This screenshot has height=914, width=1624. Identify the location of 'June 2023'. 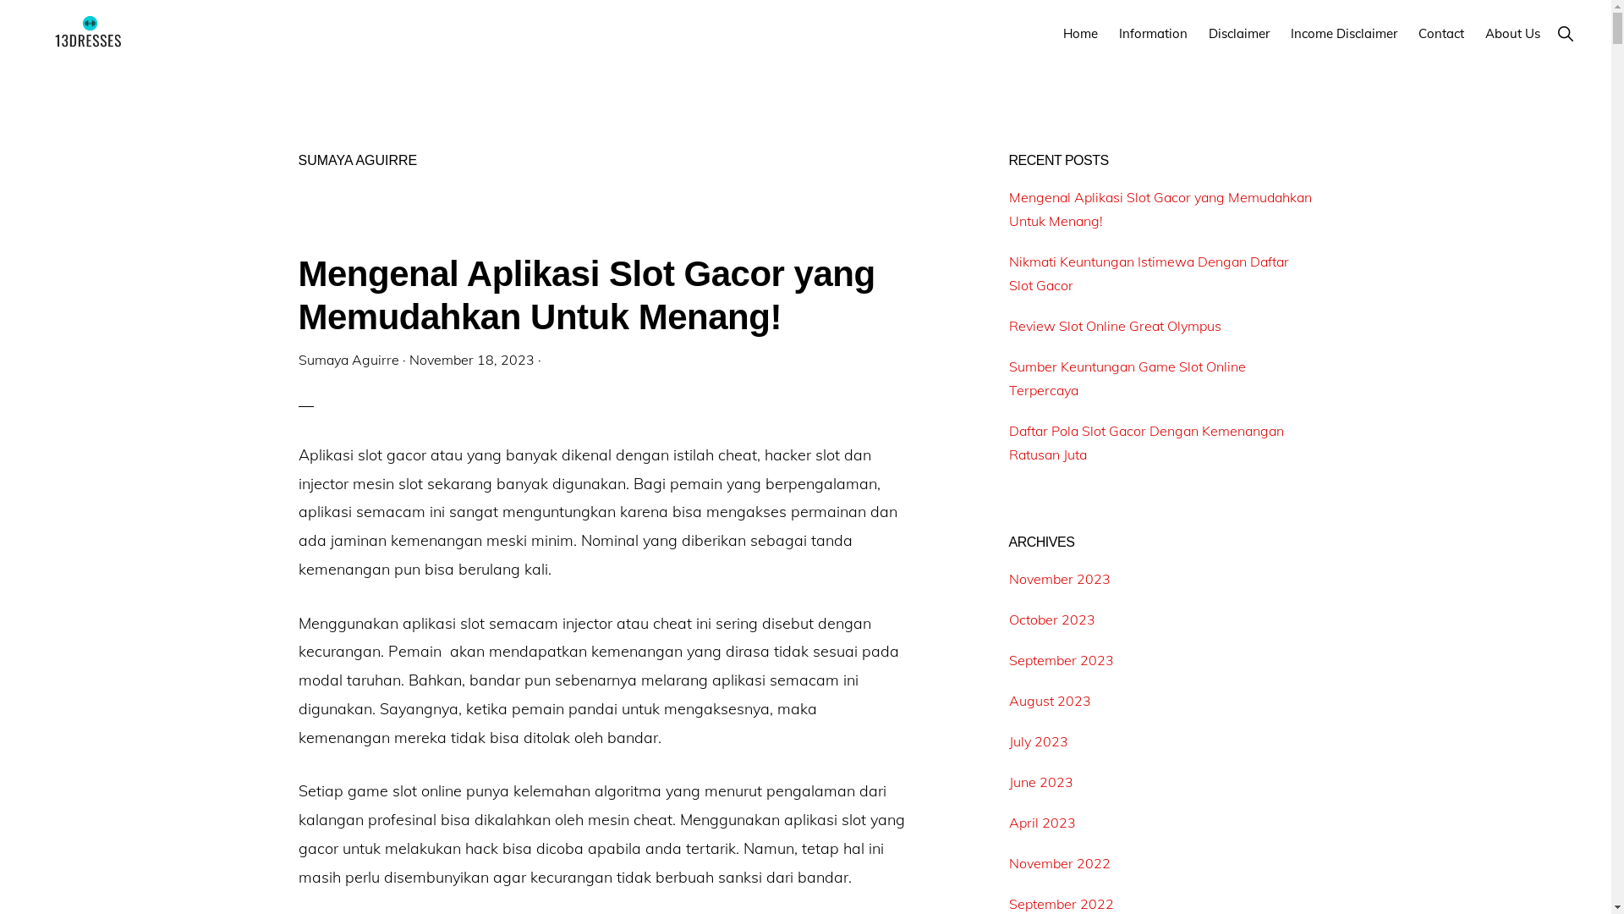
(1039, 782).